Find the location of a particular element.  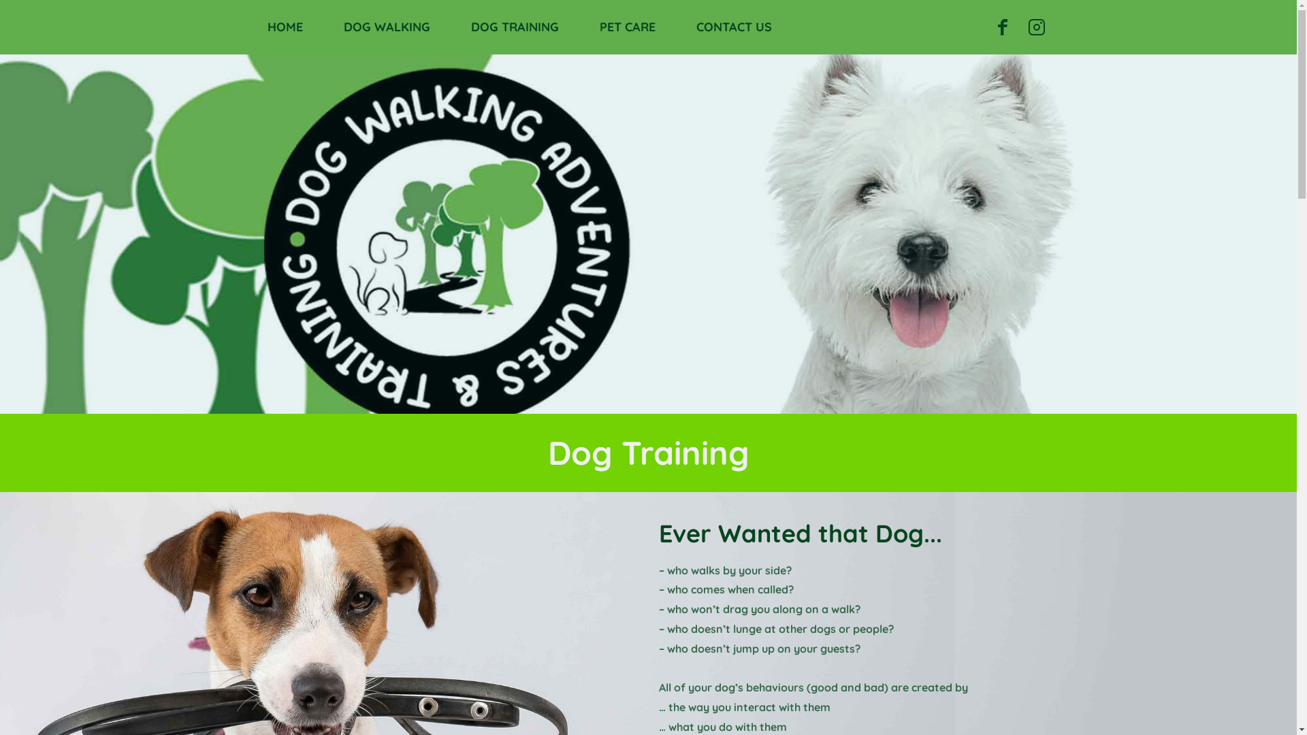

'DOG WALKING' is located at coordinates (386, 27).